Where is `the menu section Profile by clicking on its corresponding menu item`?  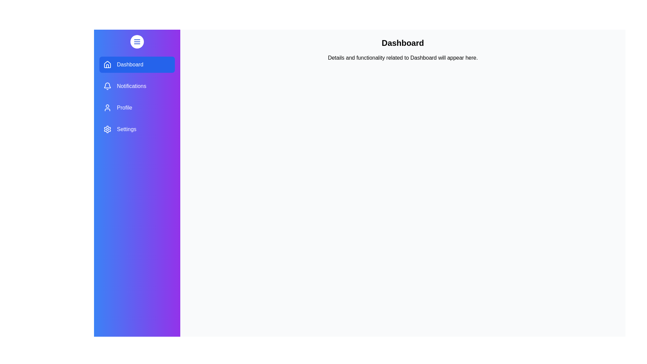
the menu section Profile by clicking on its corresponding menu item is located at coordinates (137, 108).